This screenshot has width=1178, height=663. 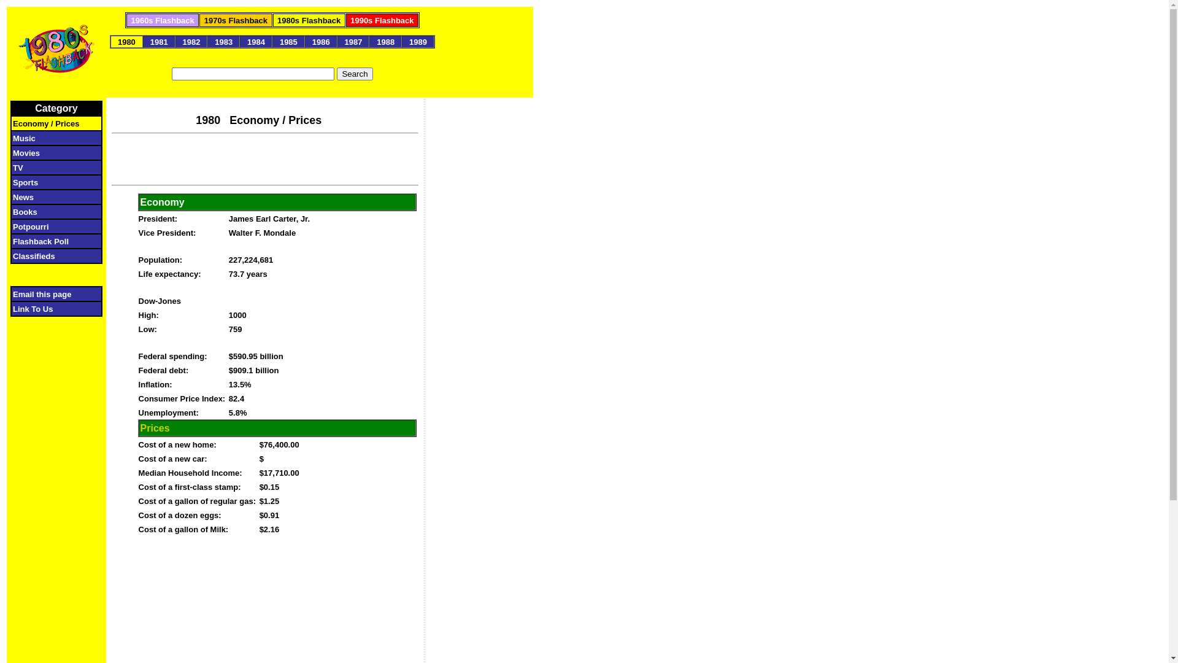 What do you see at coordinates (52, 196) in the screenshot?
I see `'News                           '` at bounding box center [52, 196].